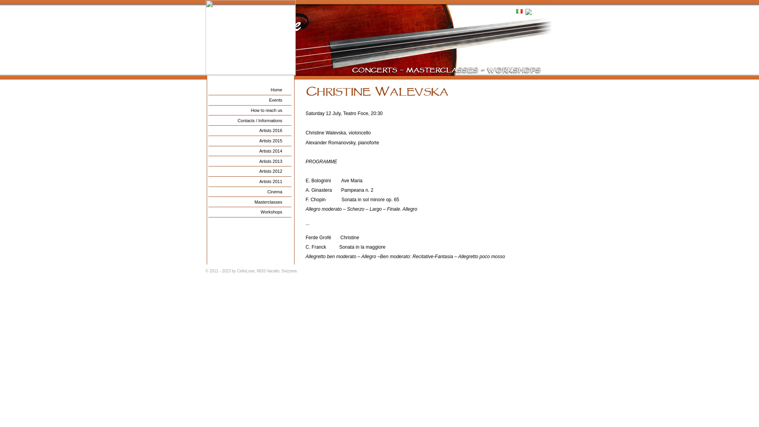  Describe the element at coordinates (249, 89) in the screenshot. I see `'Home'` at that location.